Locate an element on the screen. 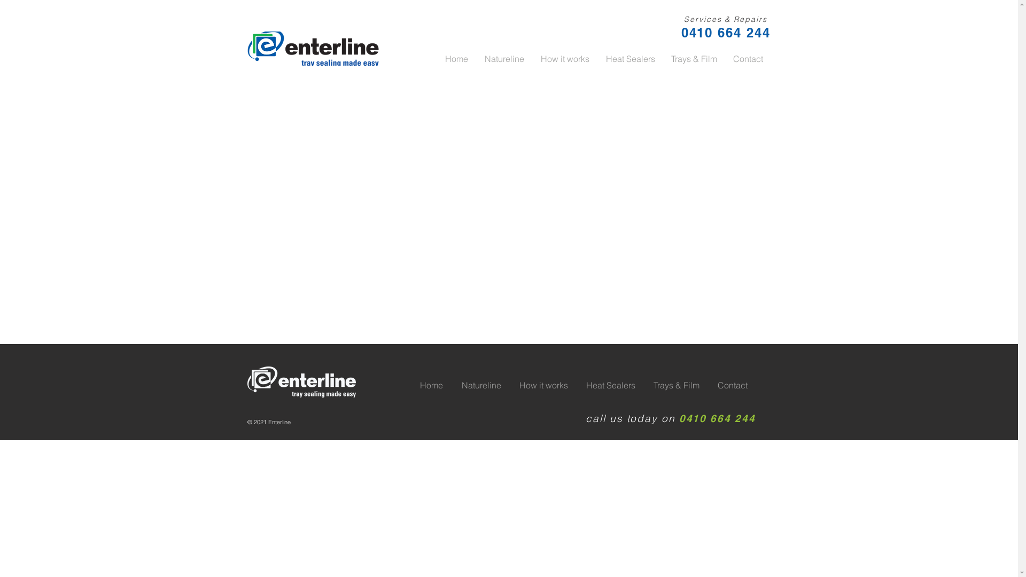  'Heat Sealers' is located at coordinates (630, 59).